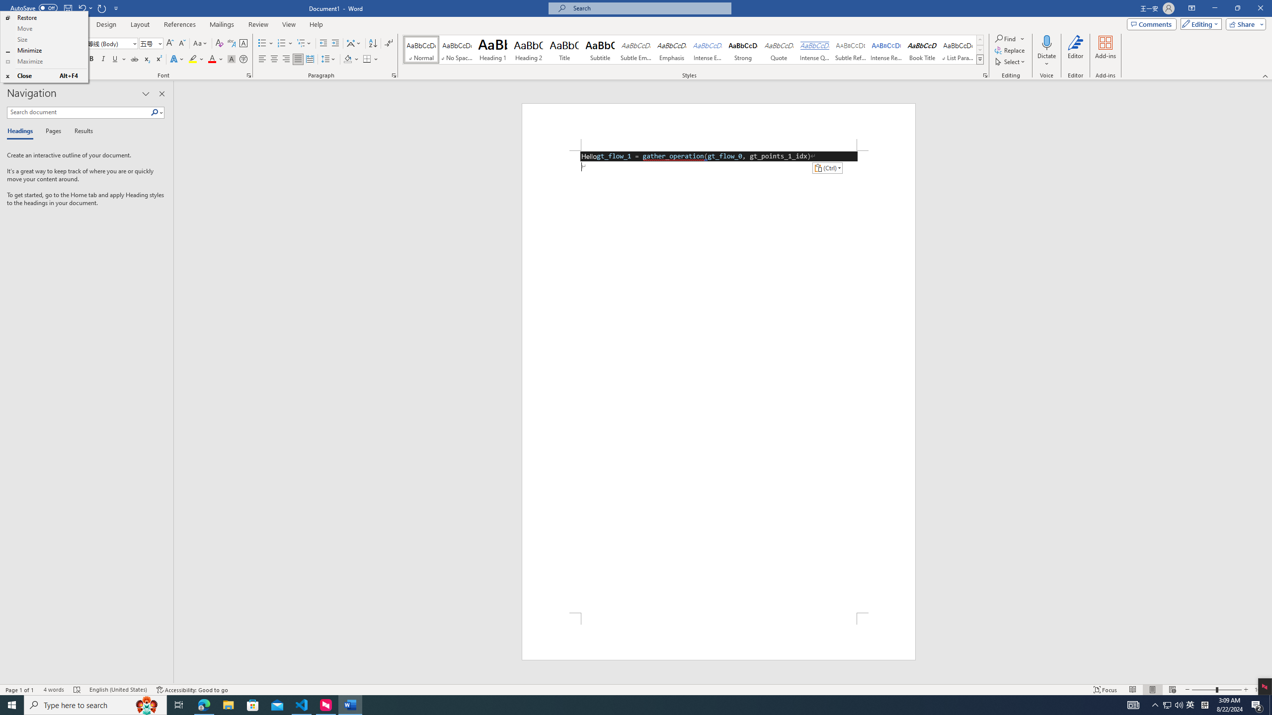 The width and height of the screenshot is (1272, 715). What do you see at coordinates (20, 690) in the screenshot?
I see `'Page Number Page 1 of 1'` at bounding box center [20, 690].